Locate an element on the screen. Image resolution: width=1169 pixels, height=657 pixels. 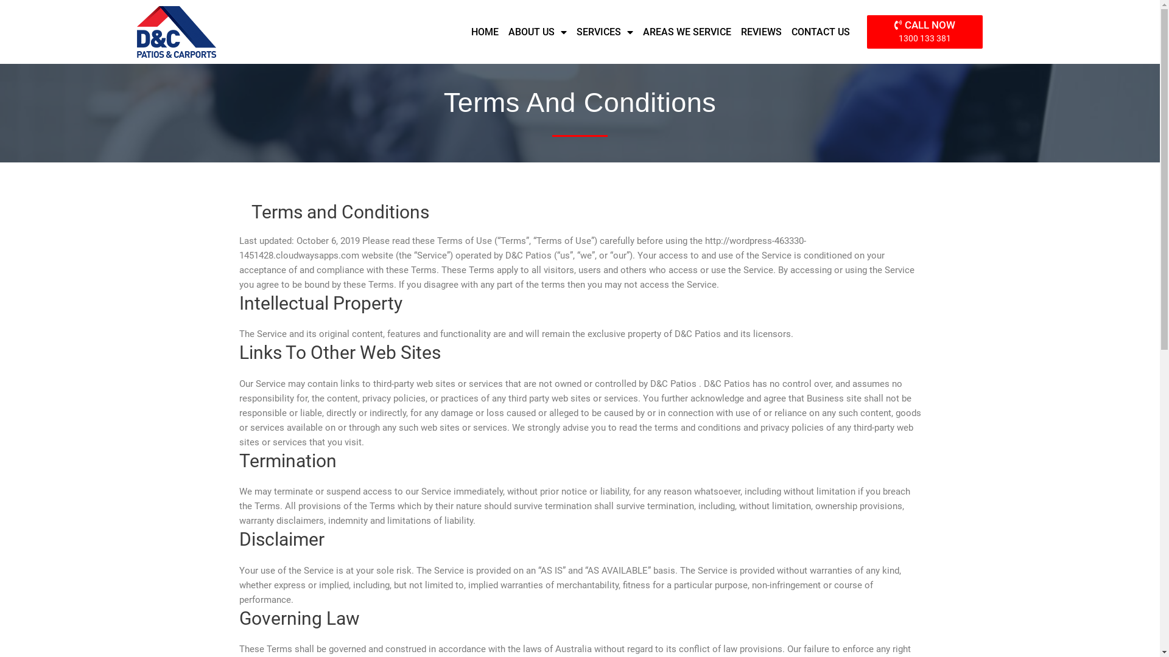
'REVIEWS' is located at coordinates (760, 30).